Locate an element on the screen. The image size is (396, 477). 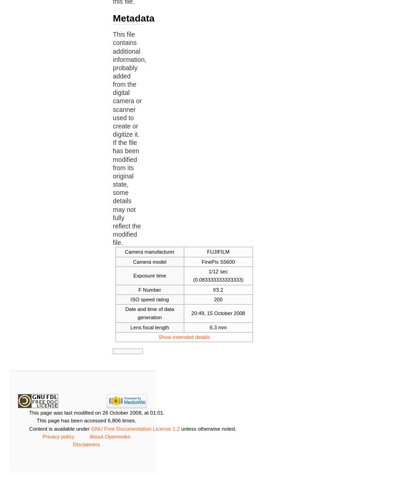
'This page has been accessed 6,806 times.' is located at coordinates (86, 420).